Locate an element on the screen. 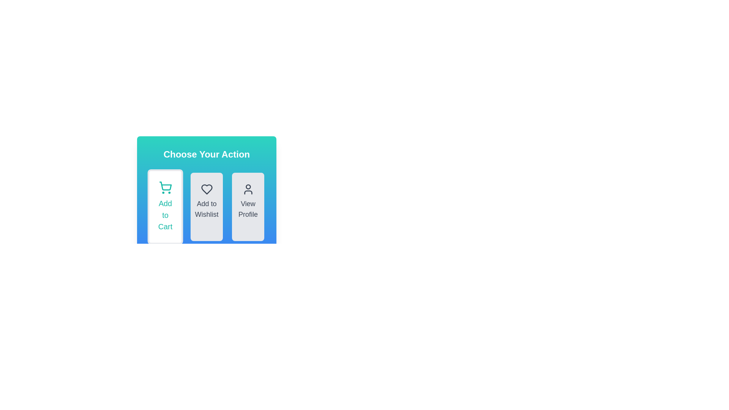  the button in the center of the group of three buttons is located at coordinates (207, 207).